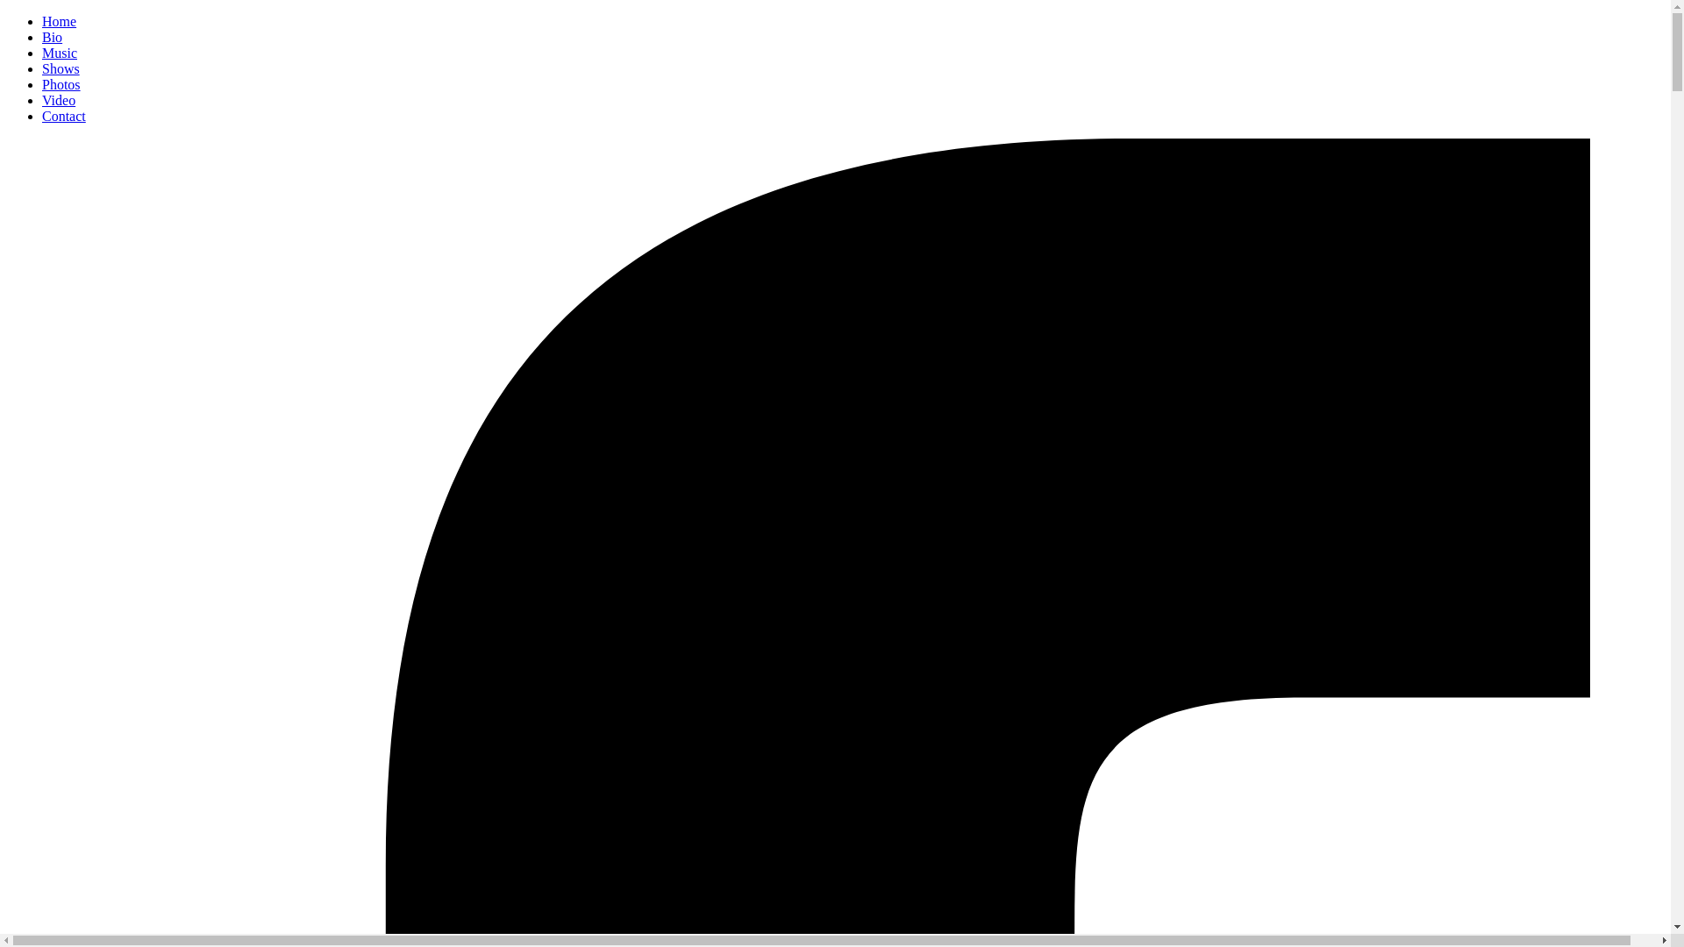 Image resolution: width=1684 pixels, height=947 pixels. I want to click on 'Music', so click(59, 52).